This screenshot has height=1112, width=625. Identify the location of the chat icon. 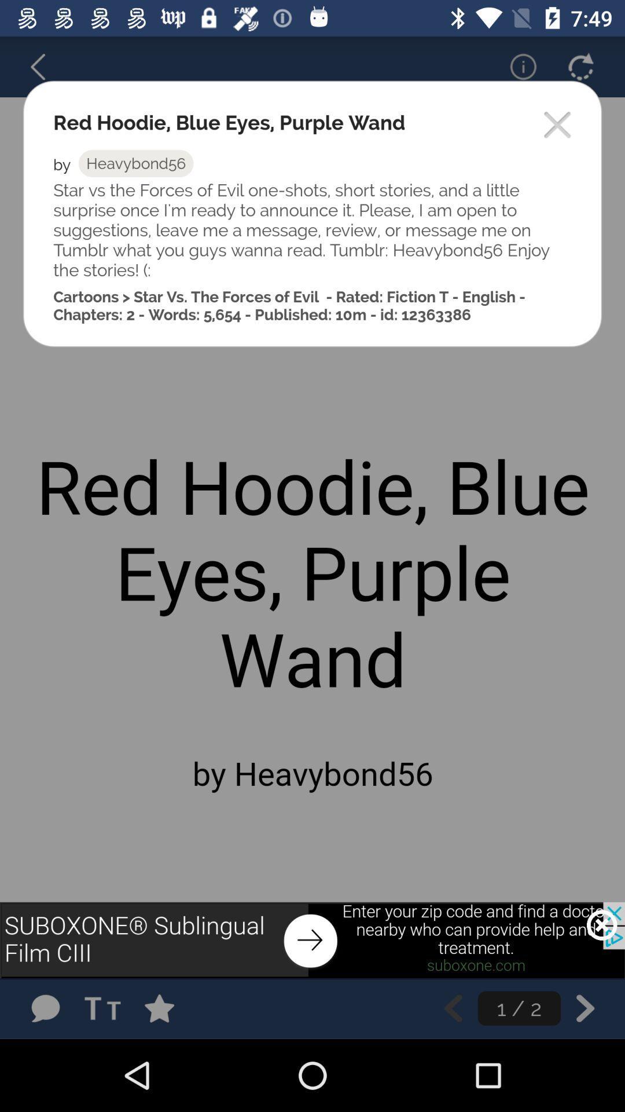
(45, 1008).